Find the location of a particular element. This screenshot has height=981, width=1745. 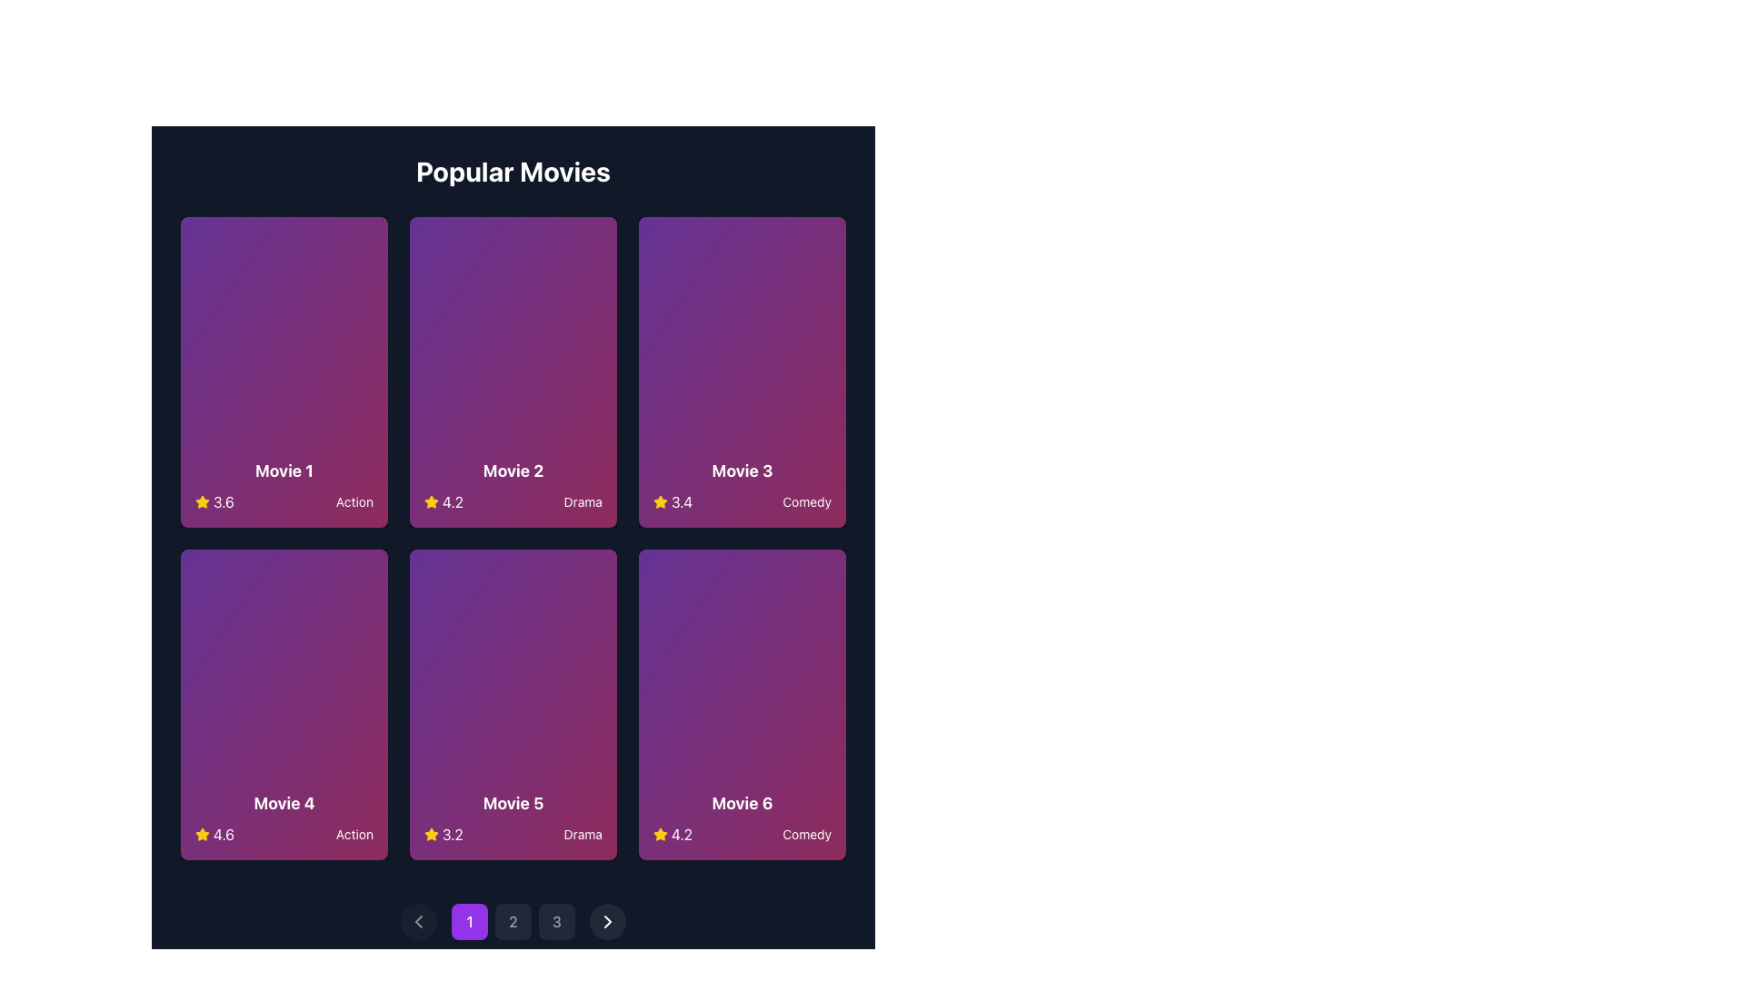

the star-shaped Rating Icon with a yellow fill and yellow border located in the card for 'Movie 3' in the 'Popular Movies' section is located at coordinates (659, 501).